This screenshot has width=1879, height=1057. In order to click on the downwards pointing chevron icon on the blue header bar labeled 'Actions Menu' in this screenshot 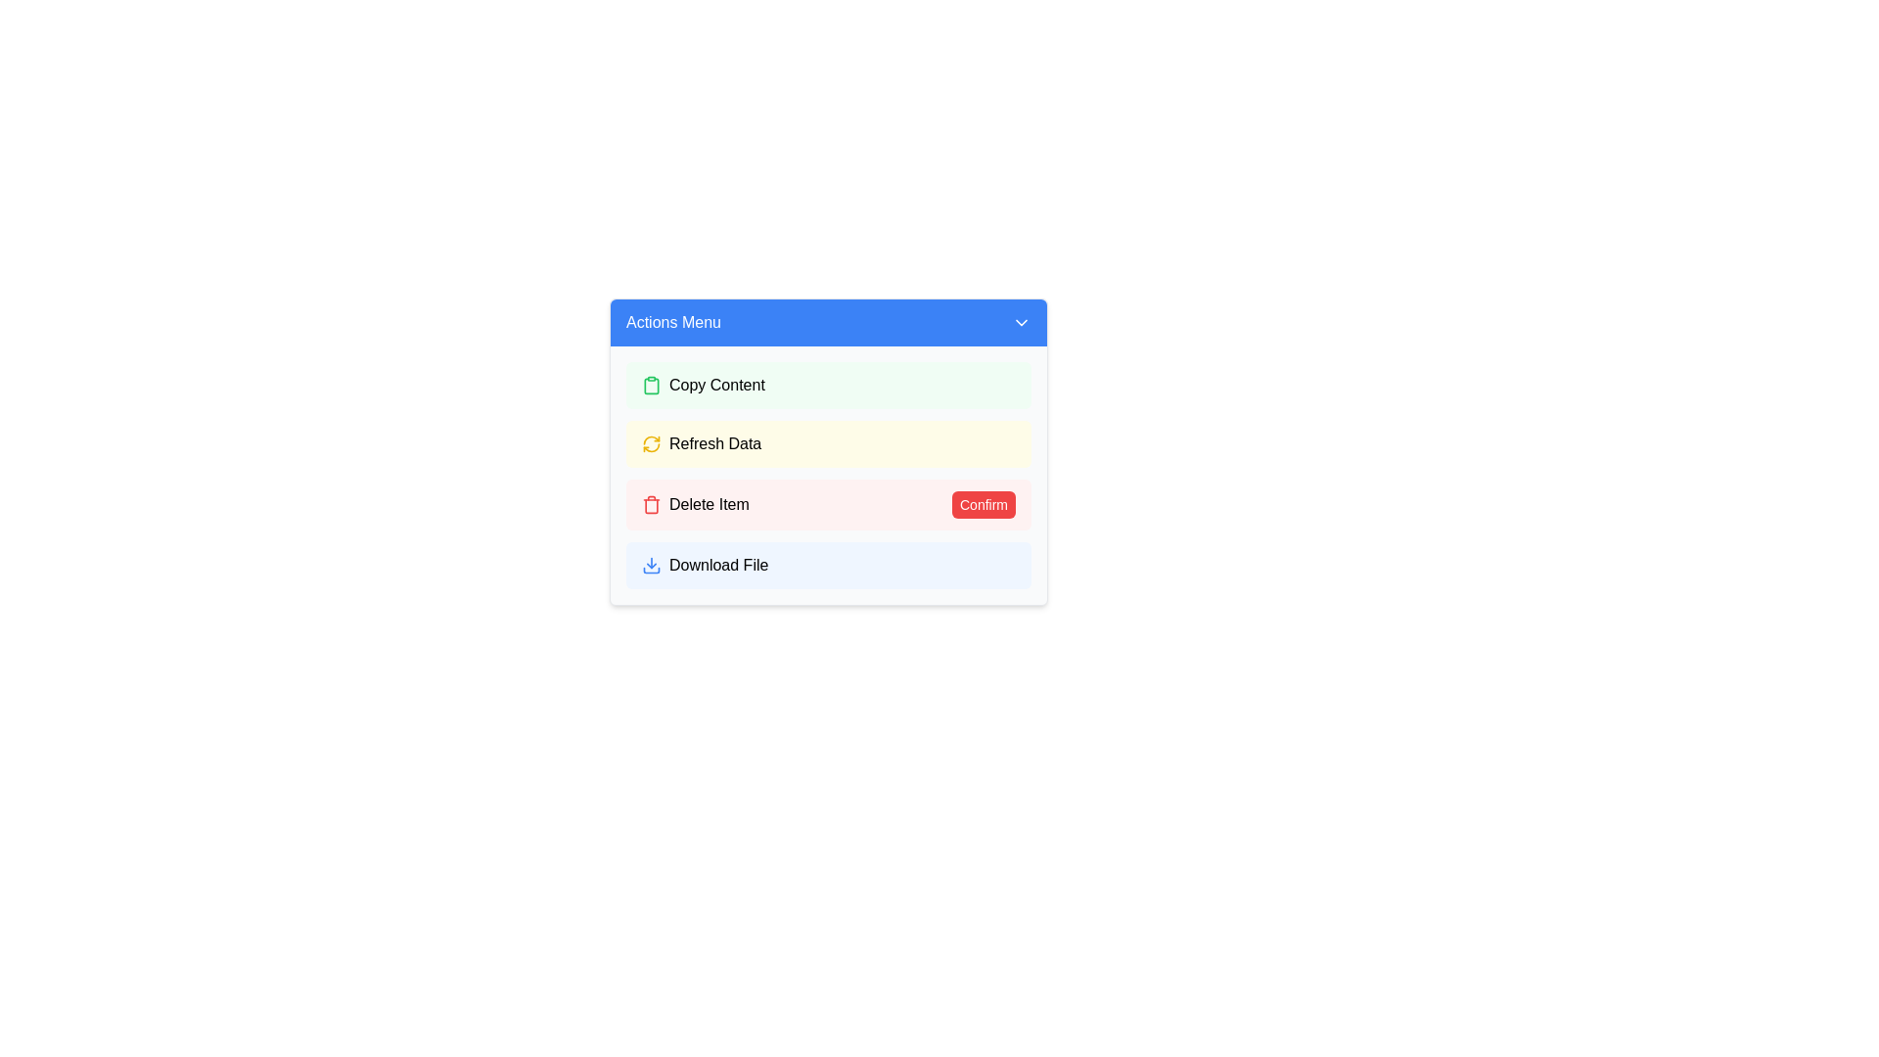, I will do `click(1020, 322)`.